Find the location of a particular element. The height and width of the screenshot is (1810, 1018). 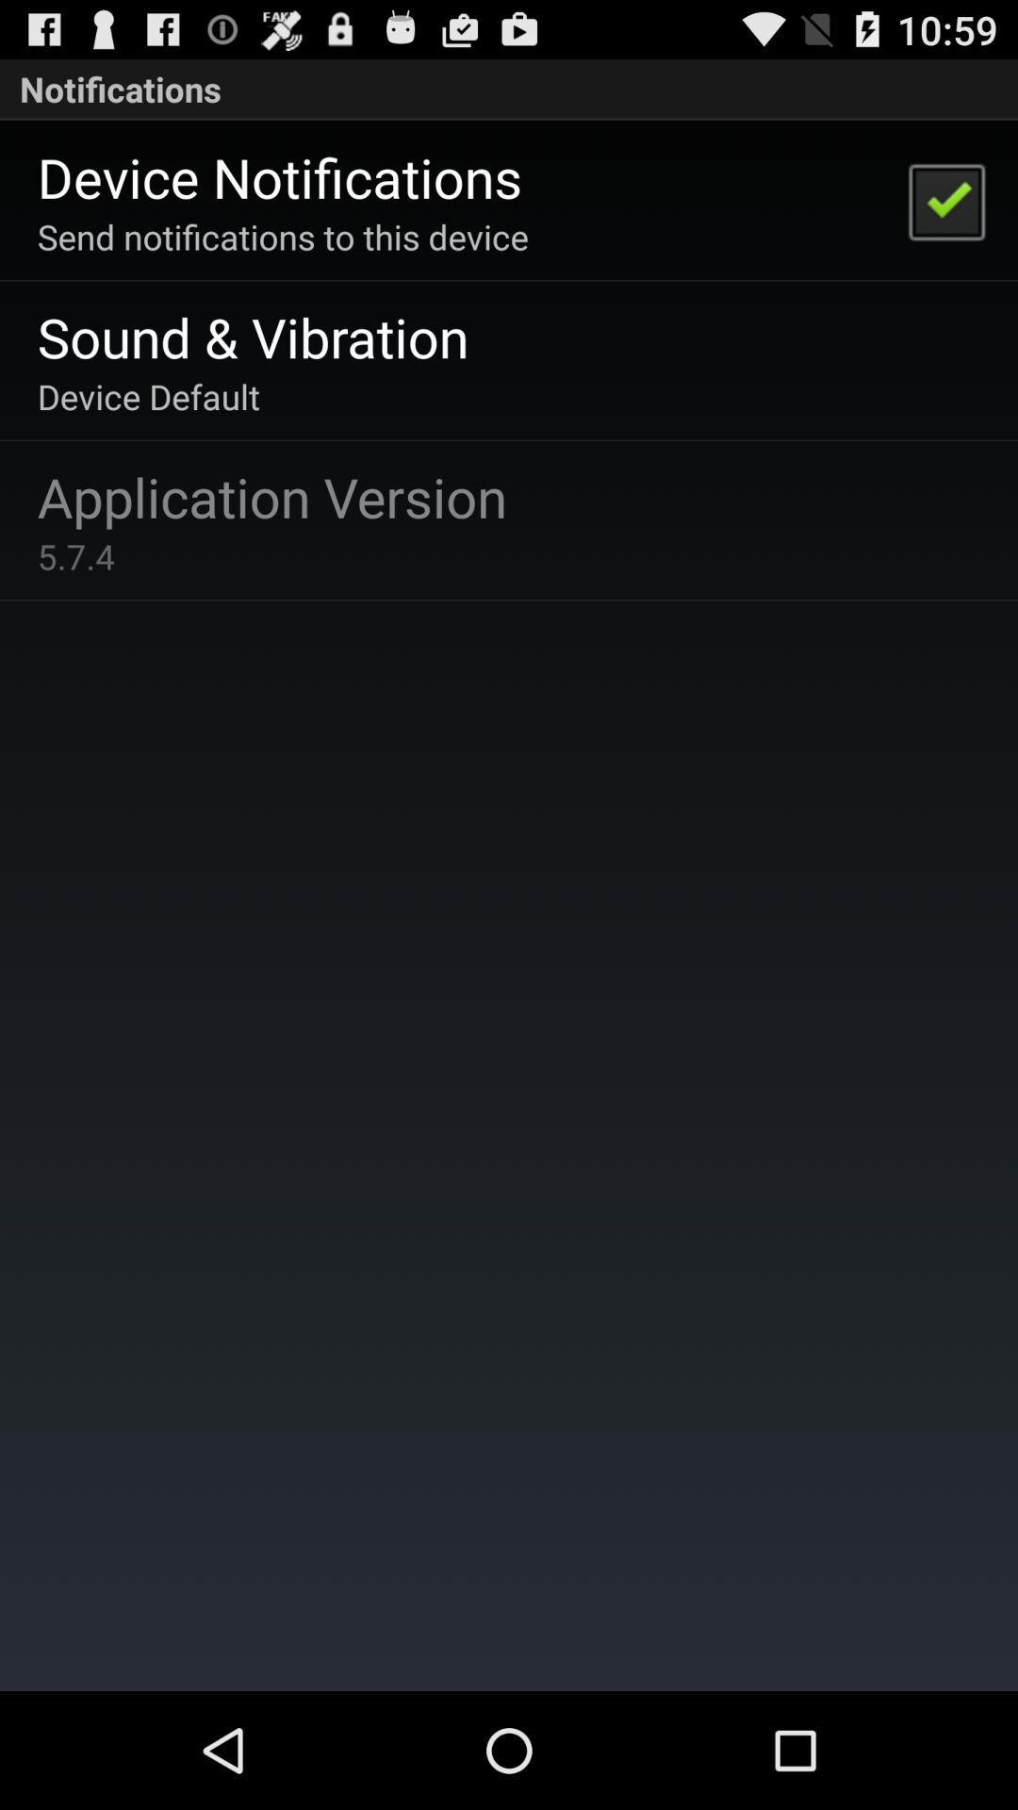

the icon above application version app is located at coordinates (147, 395).